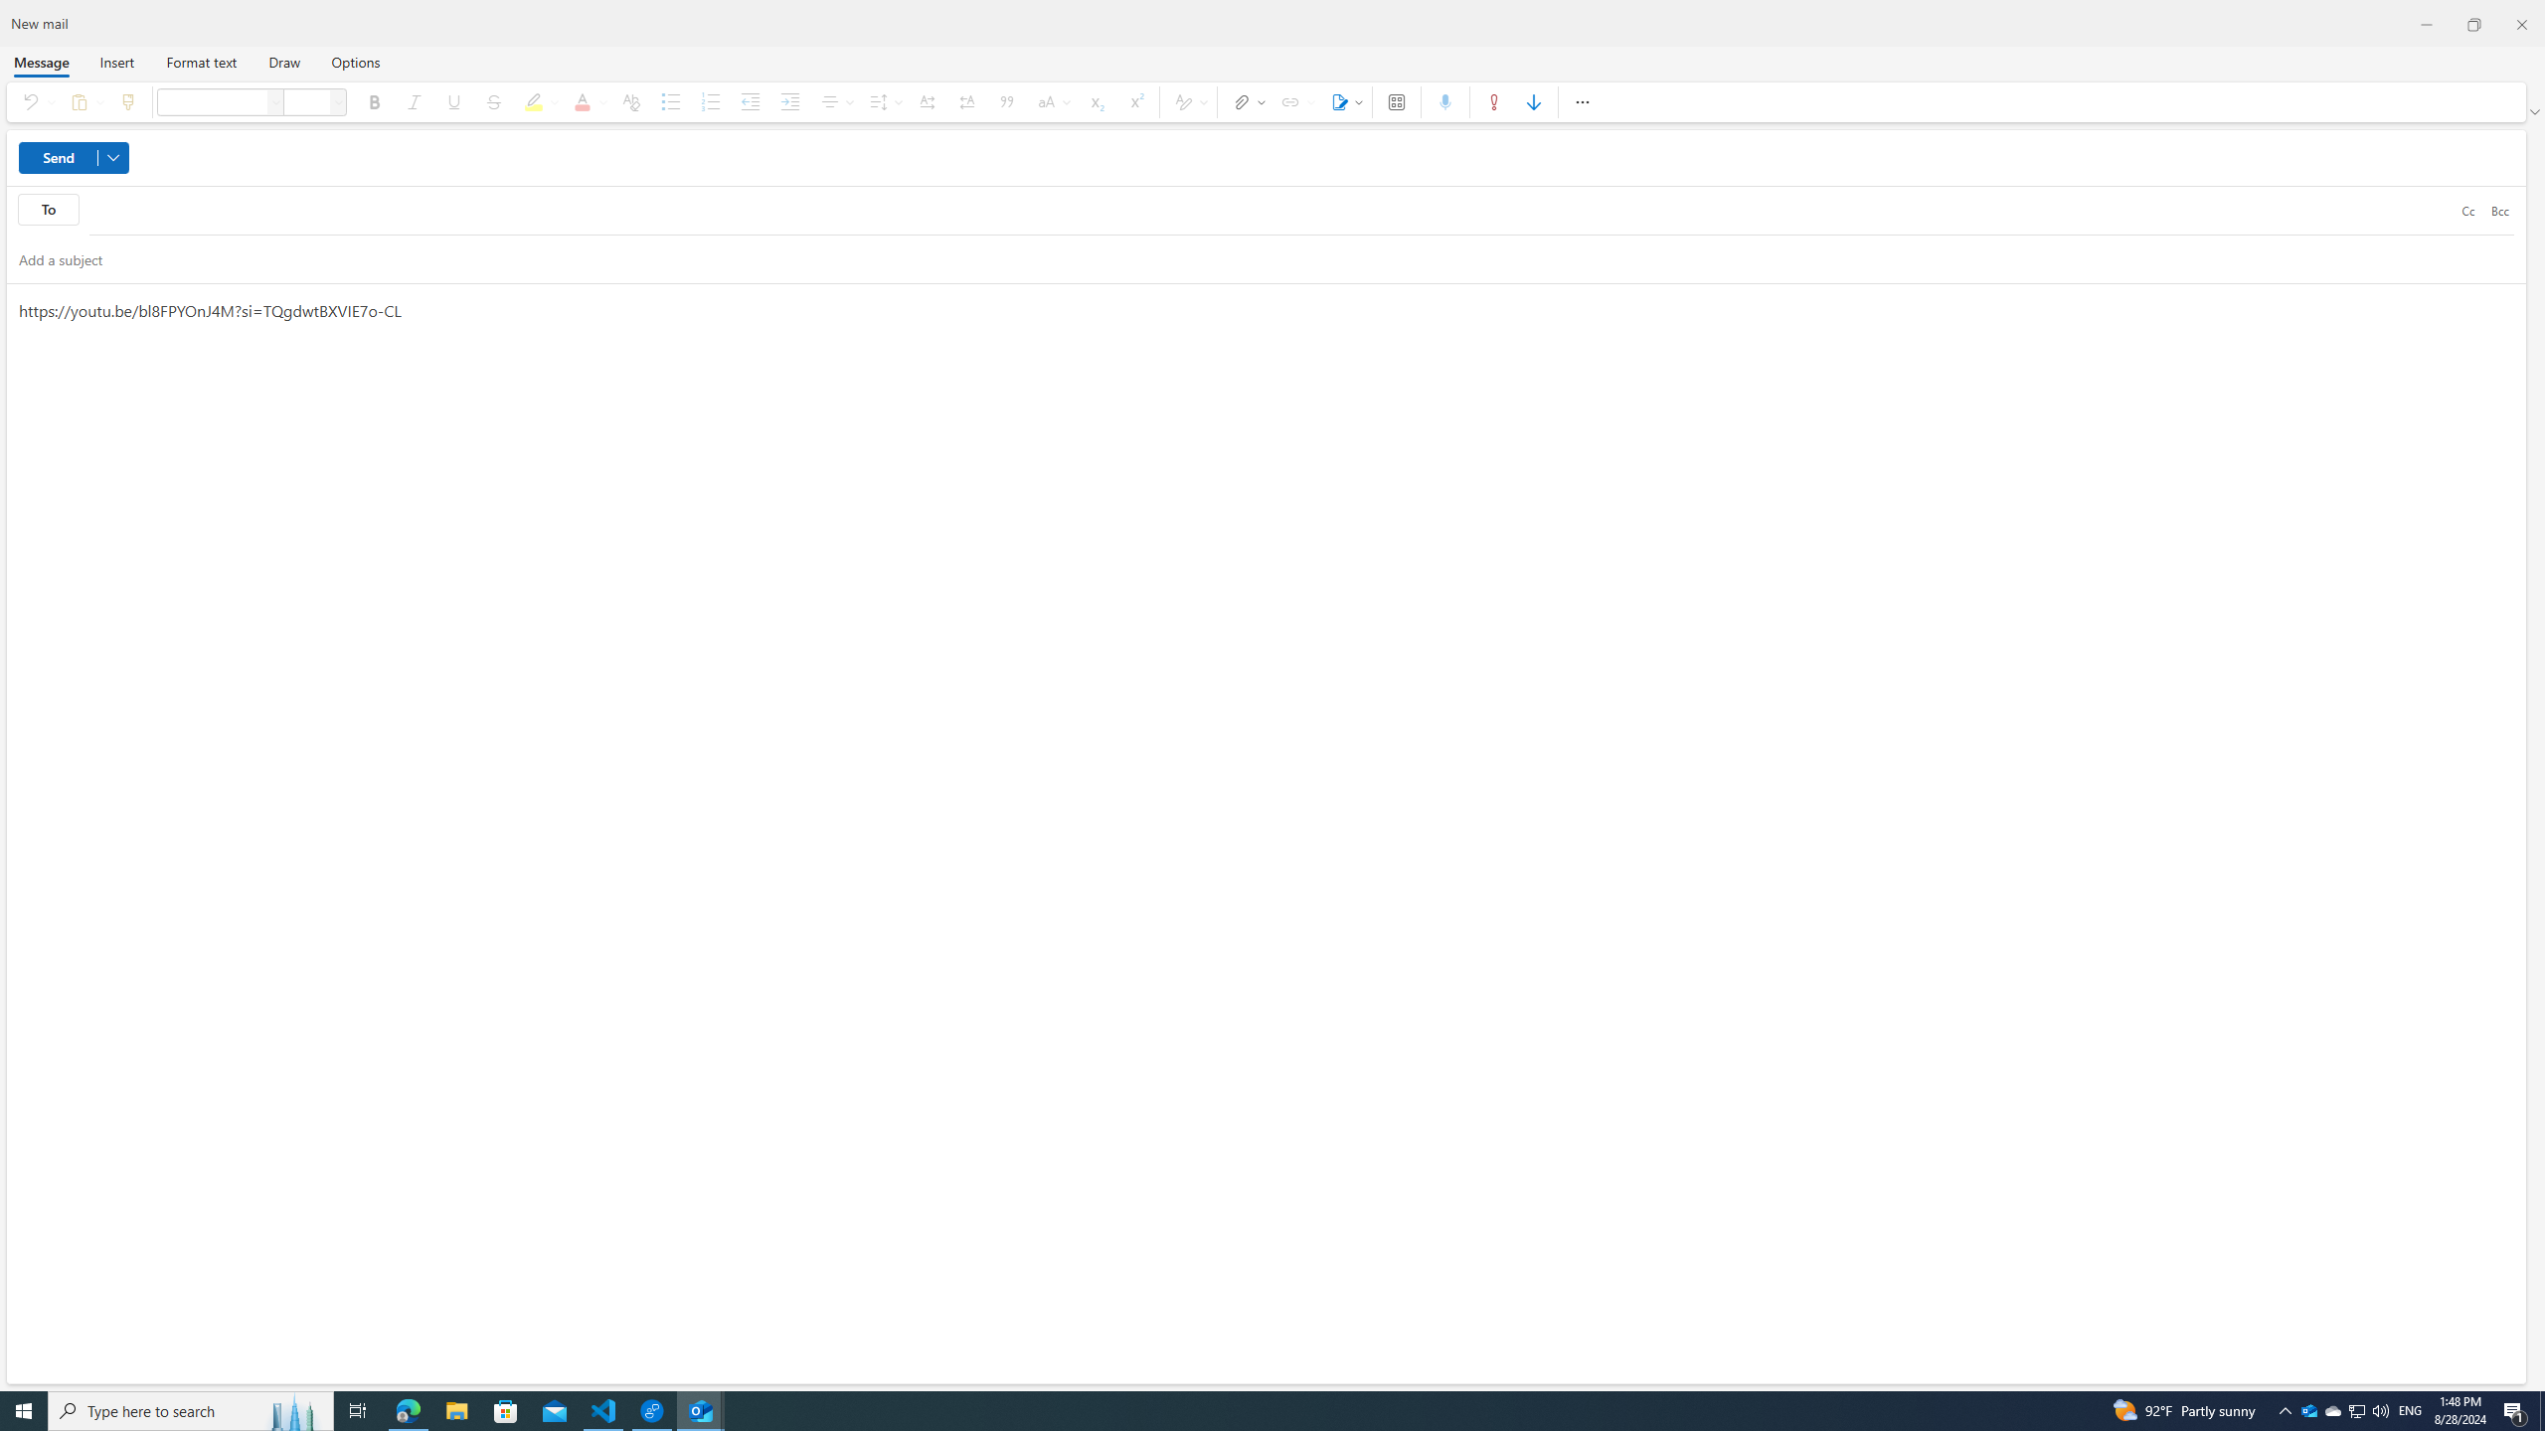  I want to click on 'Options', so click(354, 61).